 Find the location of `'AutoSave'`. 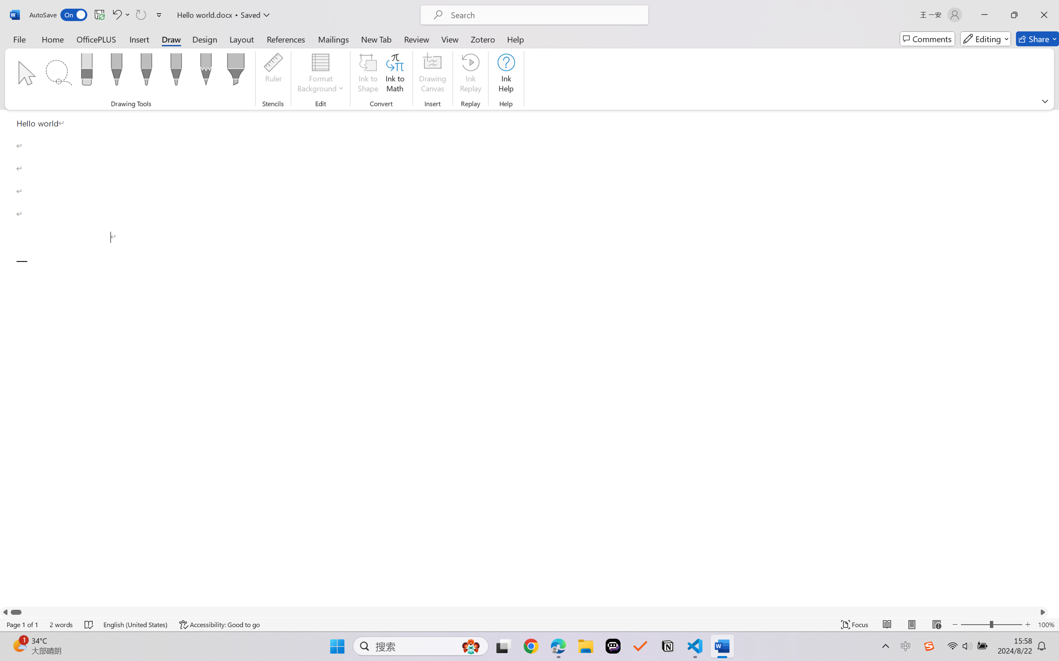

'AutoSave' is located at coordinates (58, 14).